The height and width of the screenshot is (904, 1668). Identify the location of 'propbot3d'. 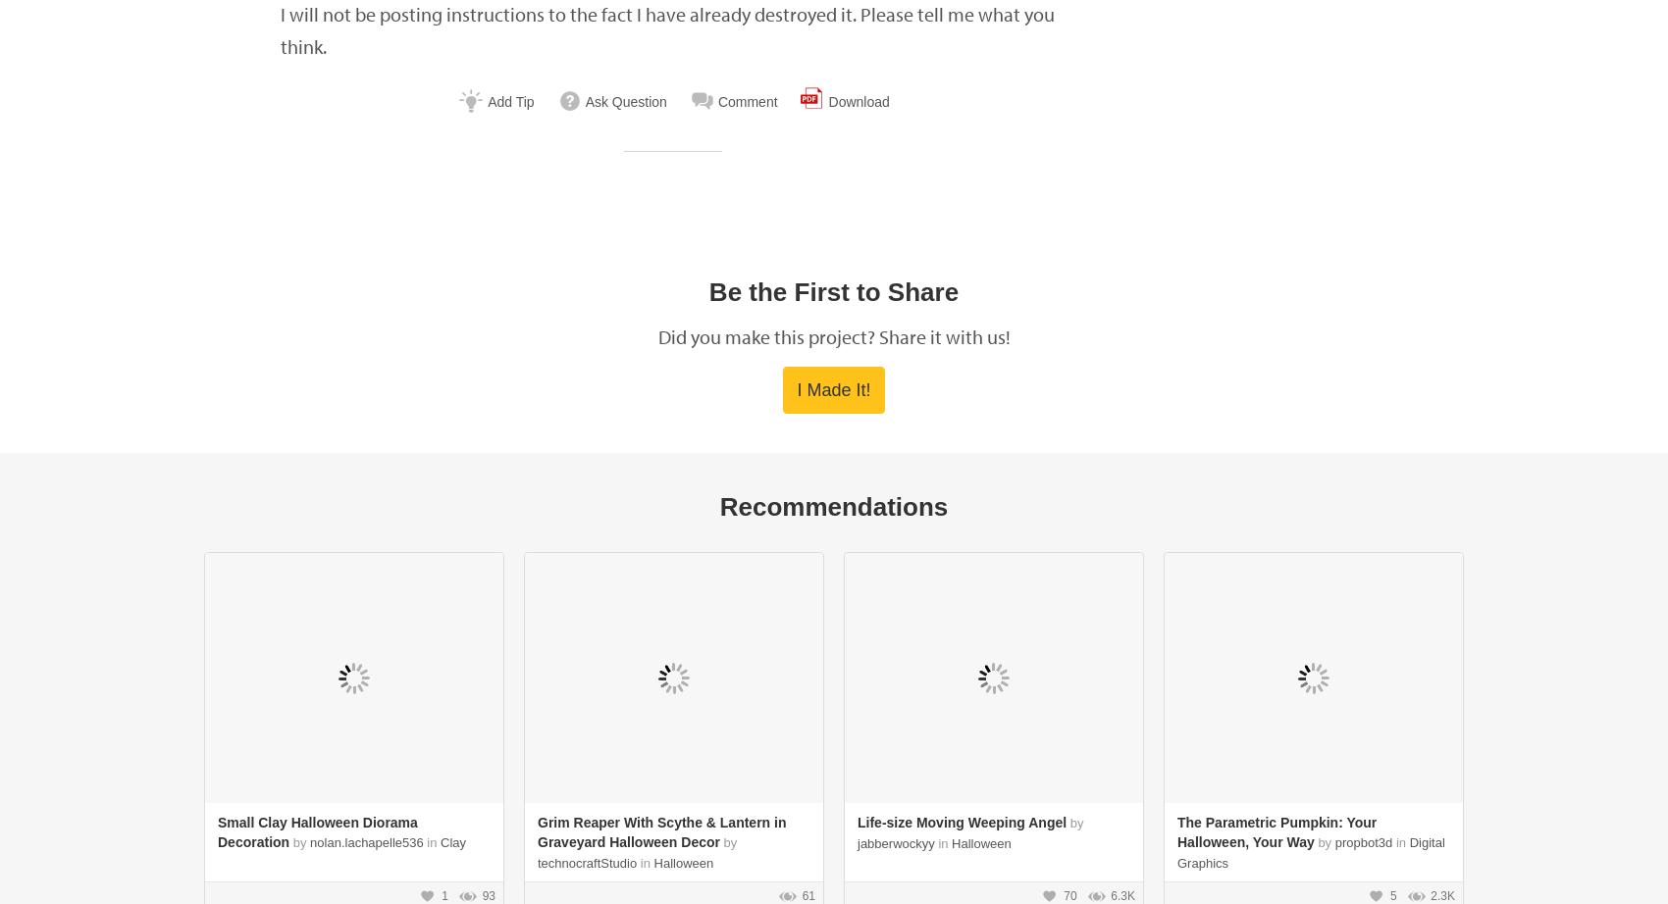
(1362, 841).